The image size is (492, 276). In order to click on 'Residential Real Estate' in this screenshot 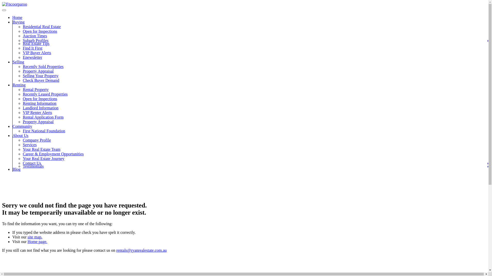, I will do `click(23, 27)`.